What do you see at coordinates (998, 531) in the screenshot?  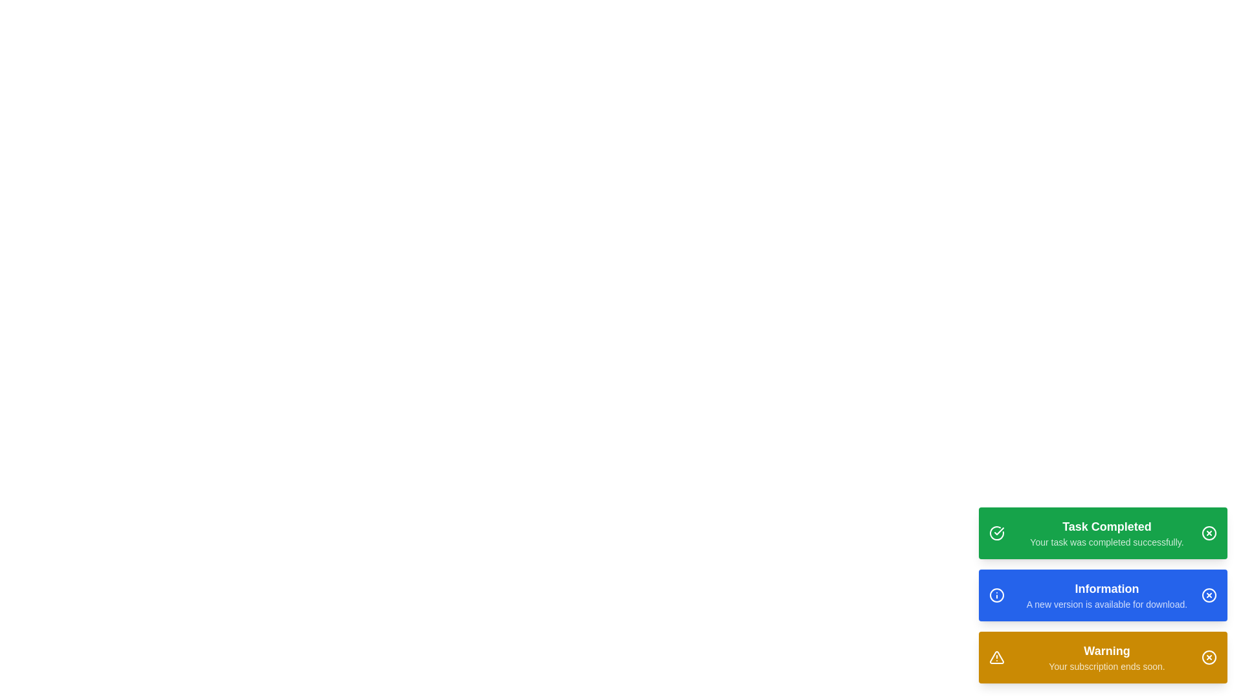 I see `the checkmark icon within the green button at the top of the three buttons, which symbolizes success or task completion` at bounding box center [998, 531].